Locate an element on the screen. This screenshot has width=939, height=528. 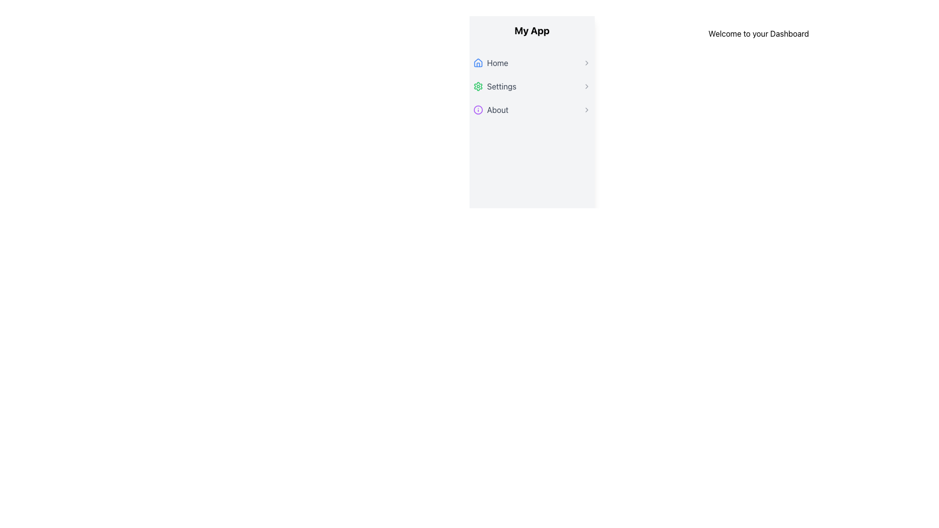
the blue house icon located to the left of the 'Home' menu item in the main sidebar of the application interface is located at coordinates (478, 63).